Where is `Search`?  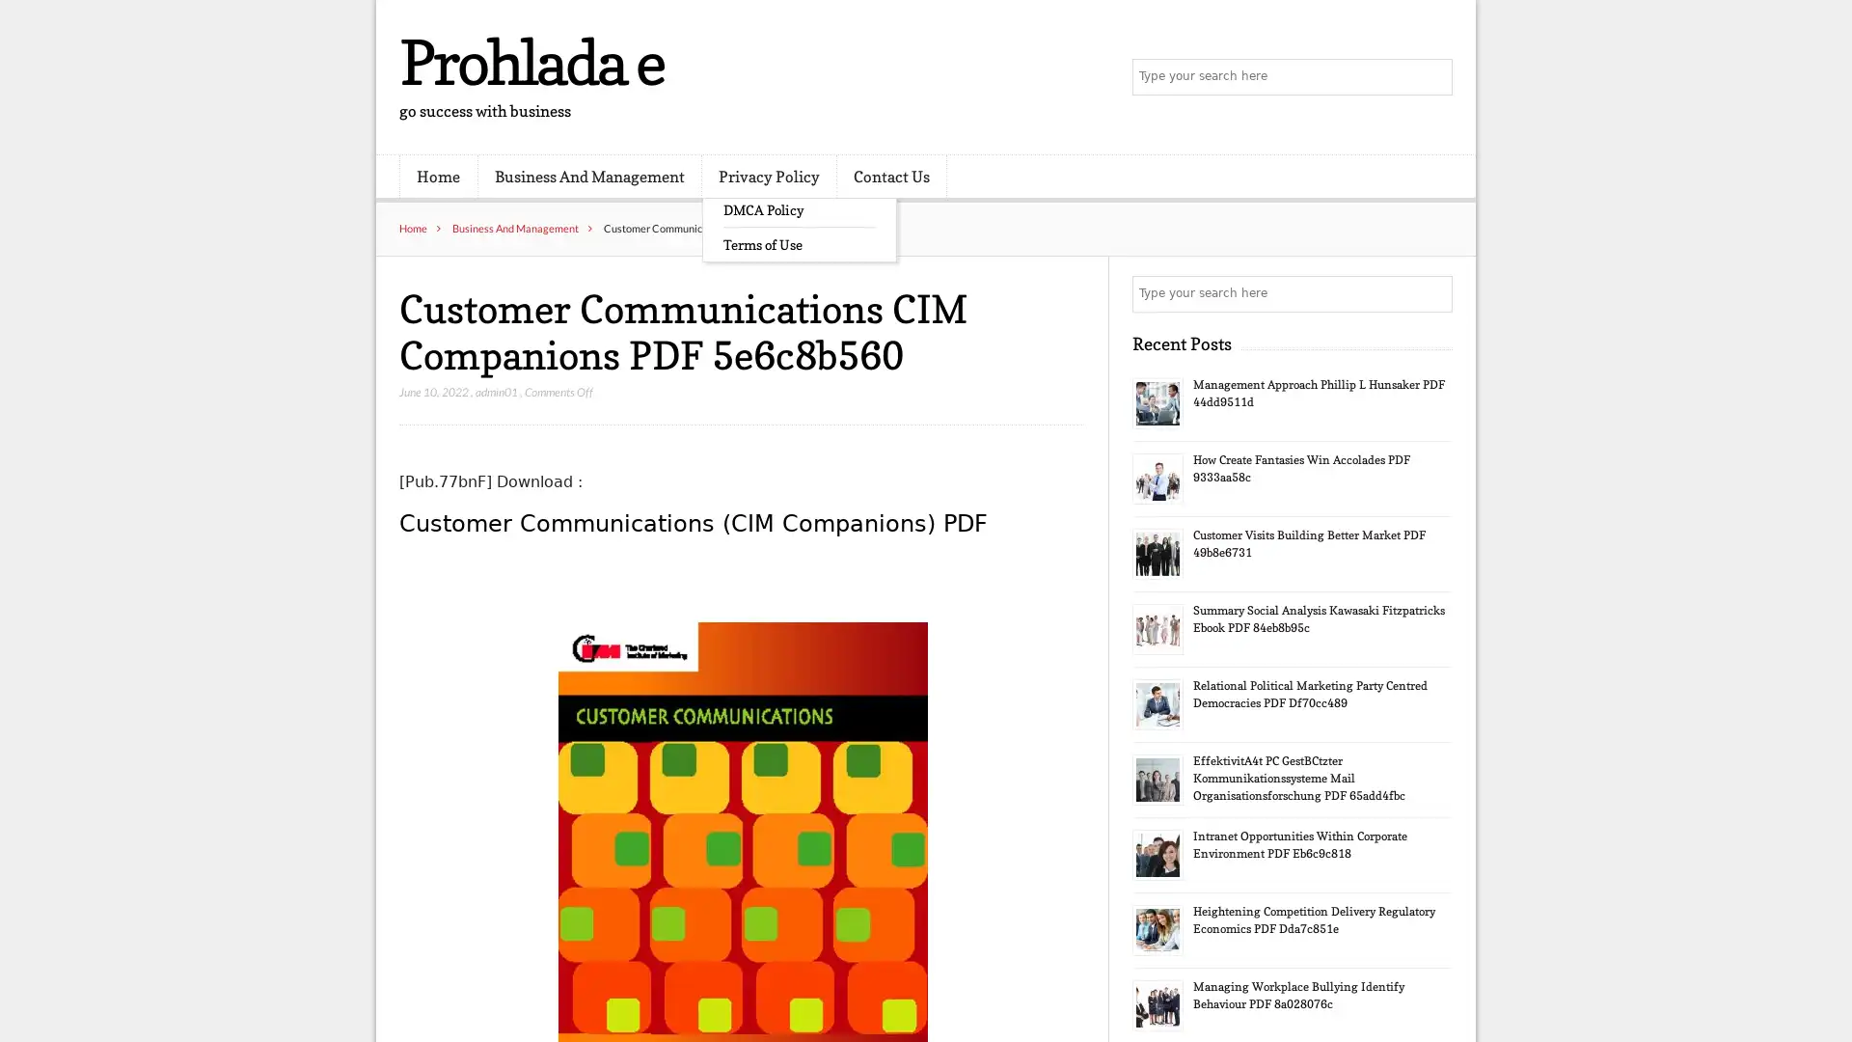
Search is located at coordinates (1432, 77).